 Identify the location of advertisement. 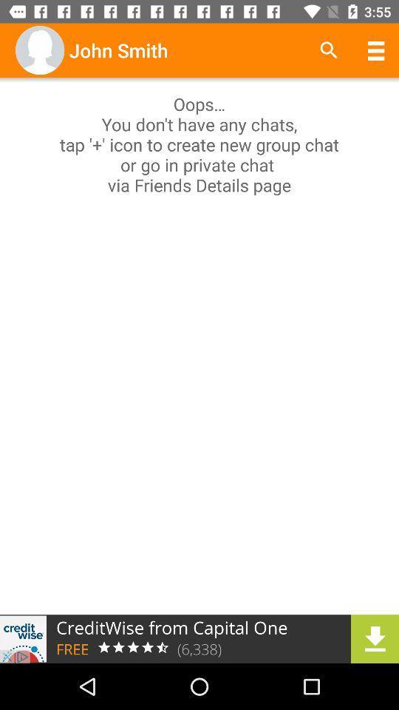
(199, 638).